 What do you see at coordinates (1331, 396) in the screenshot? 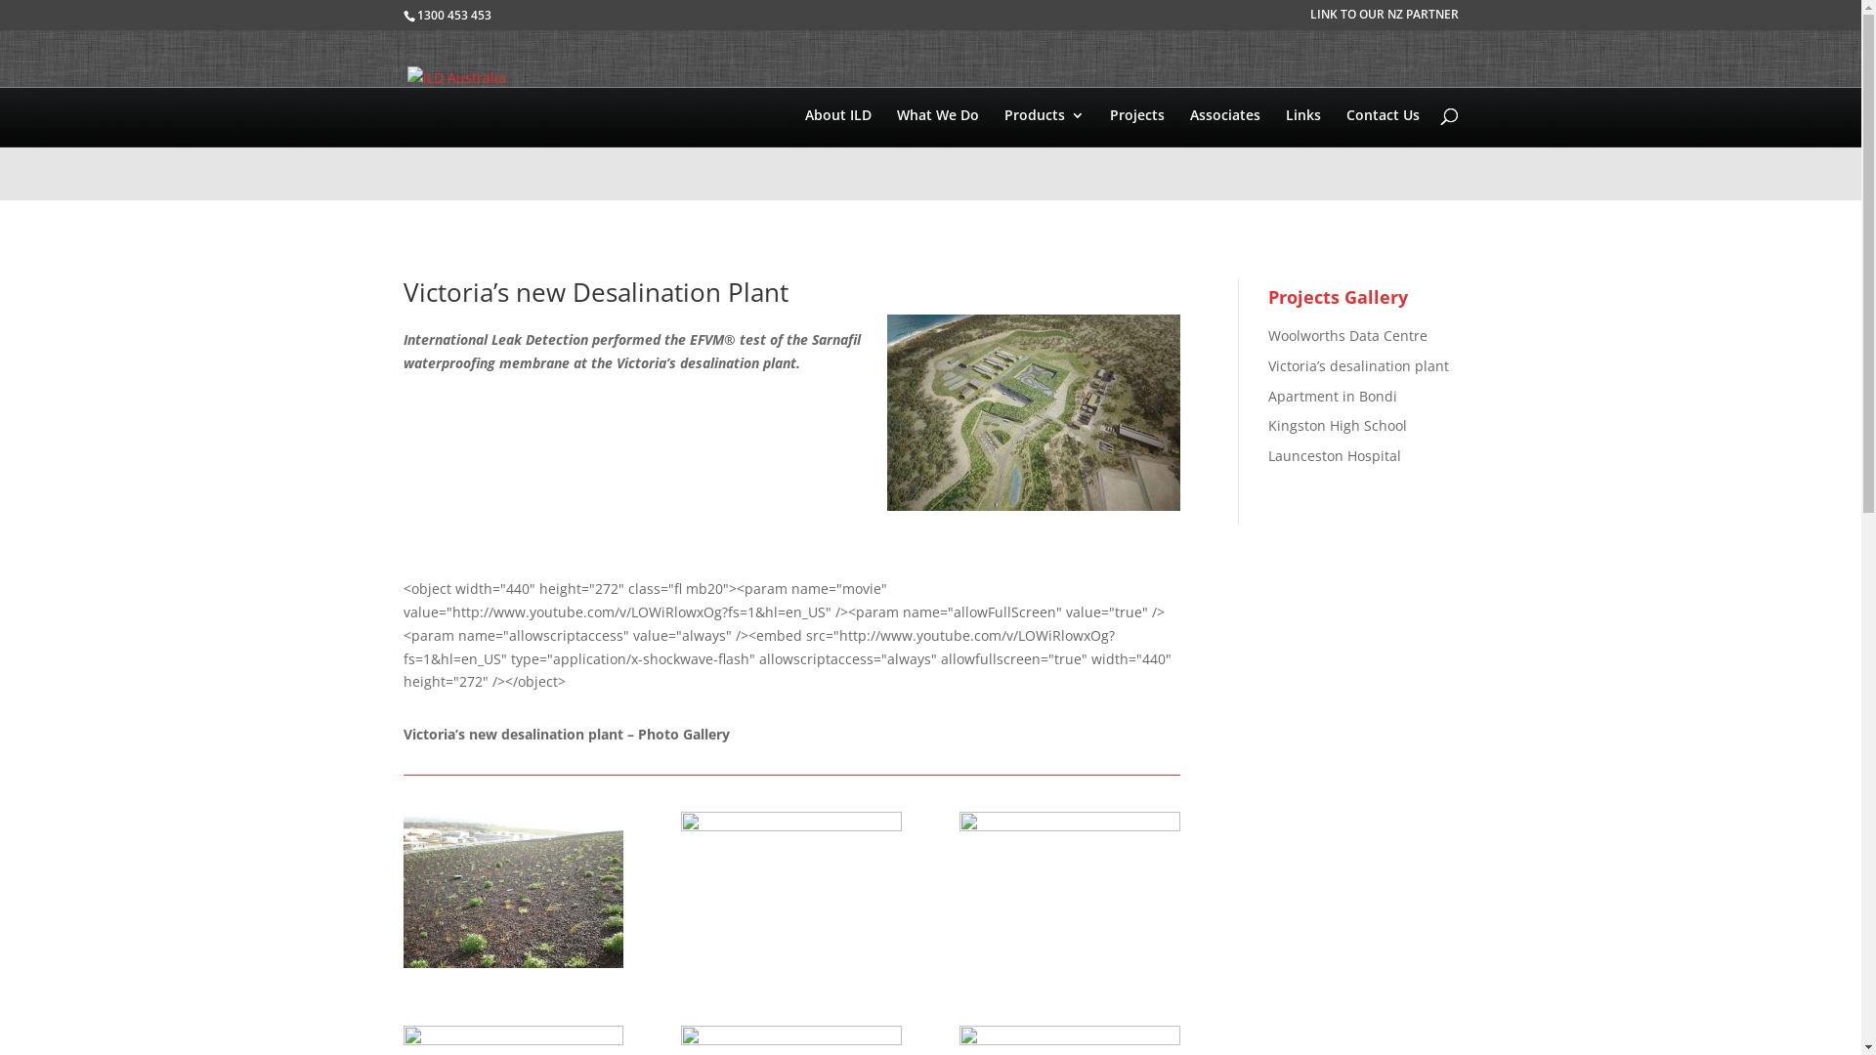
I see `'Apartment in Bondi'` at bounding box center [1331, 396].